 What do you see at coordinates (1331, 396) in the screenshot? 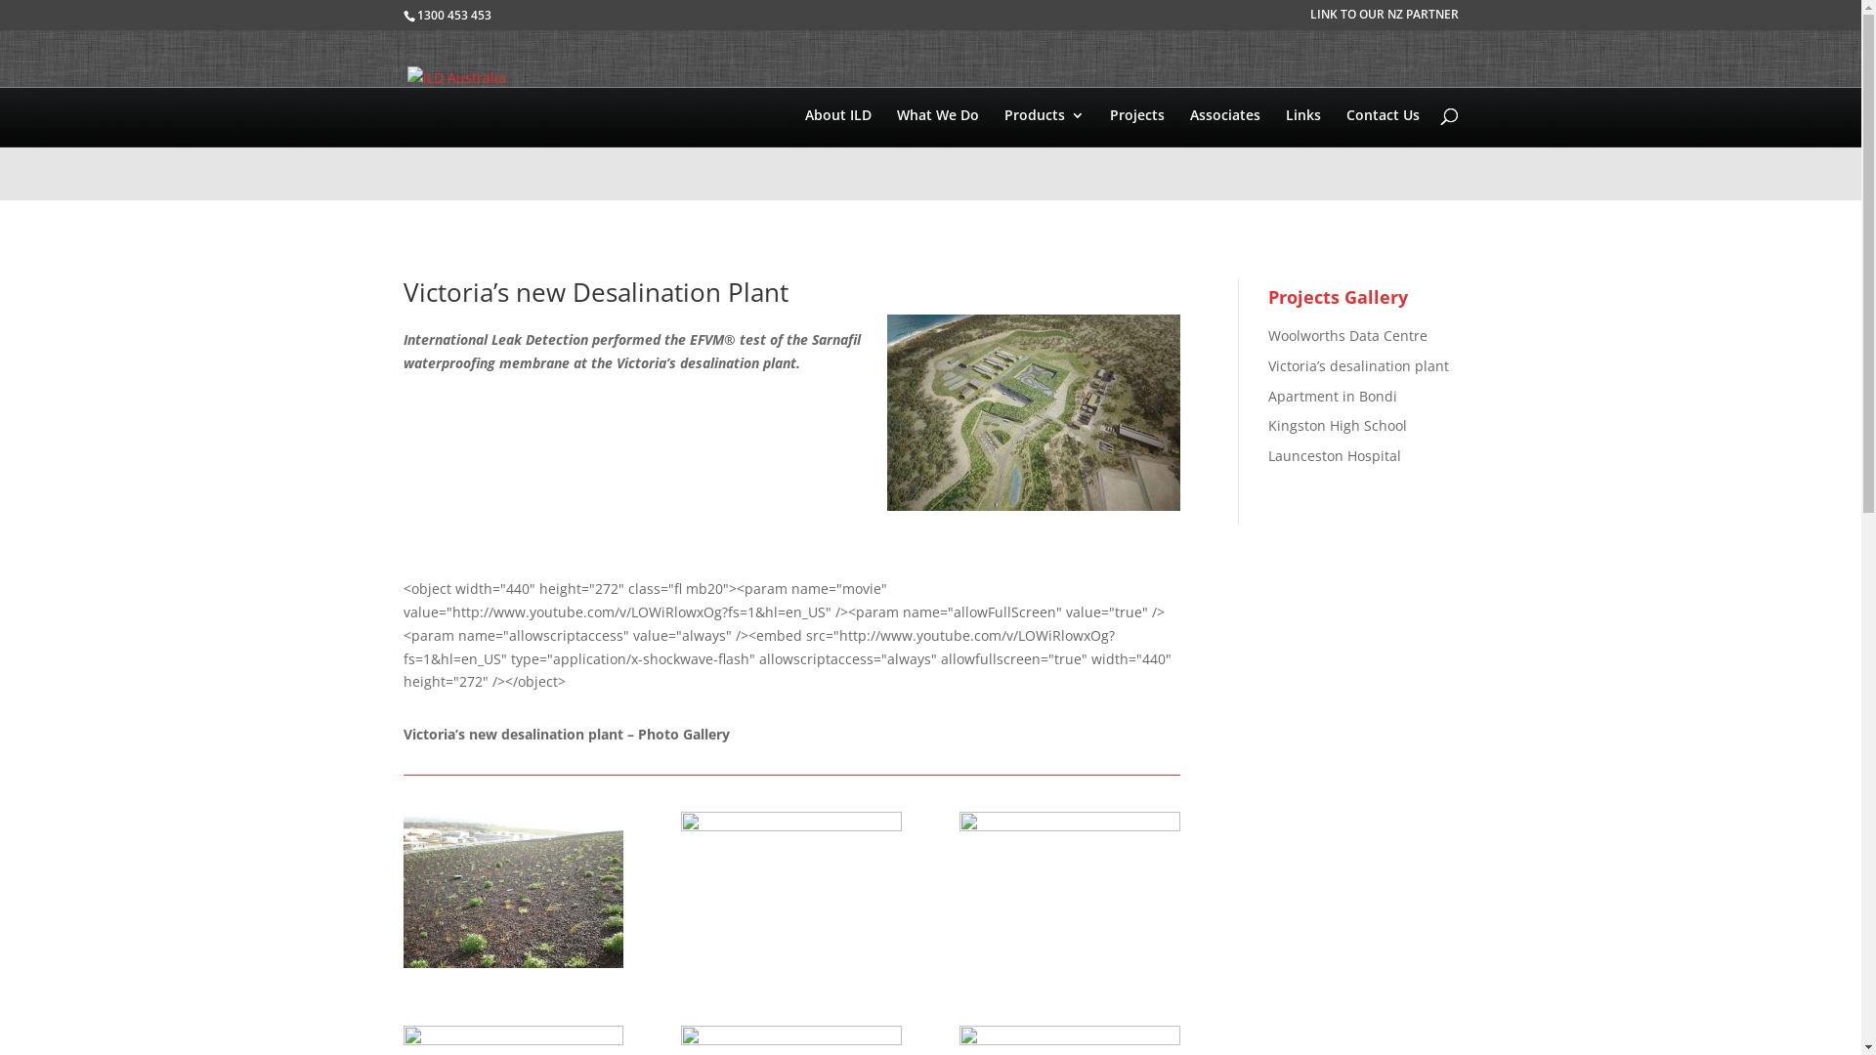
I see `'Apartment in Bondi'` at bounding box center [1331, 396].